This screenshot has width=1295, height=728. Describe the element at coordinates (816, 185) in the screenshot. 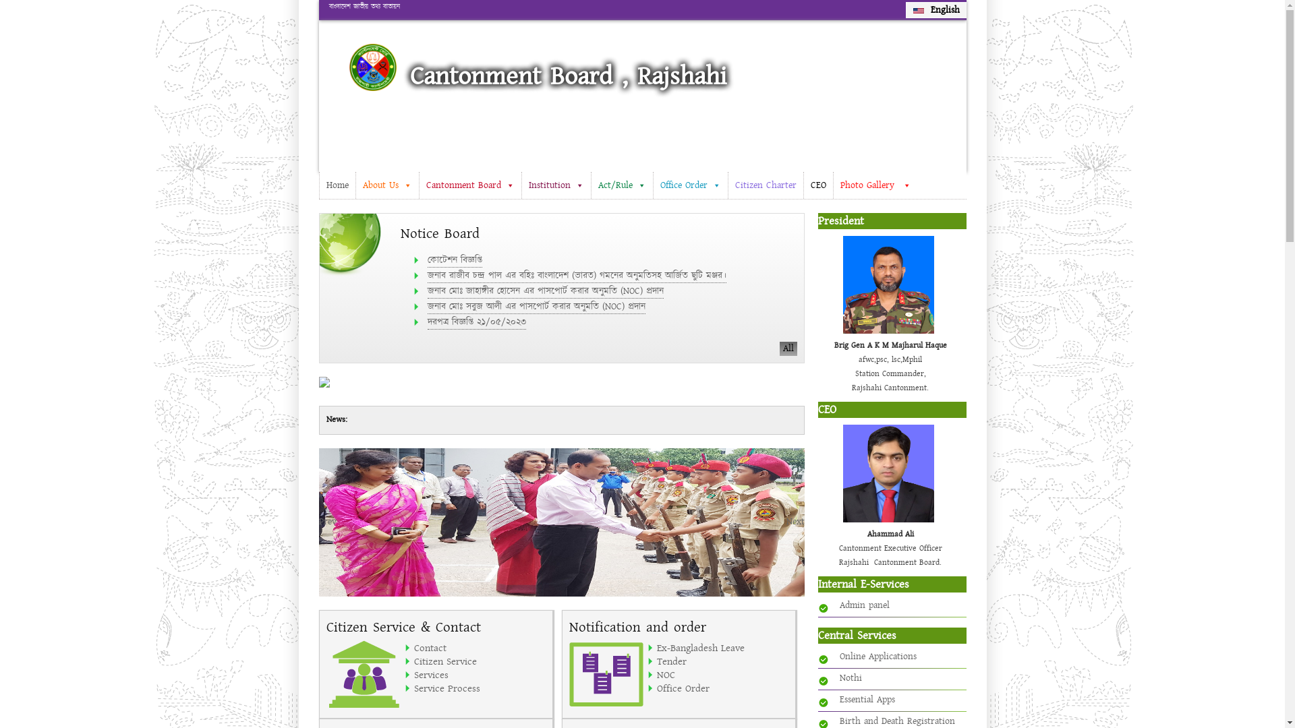

I see `'CEO'` at that location.